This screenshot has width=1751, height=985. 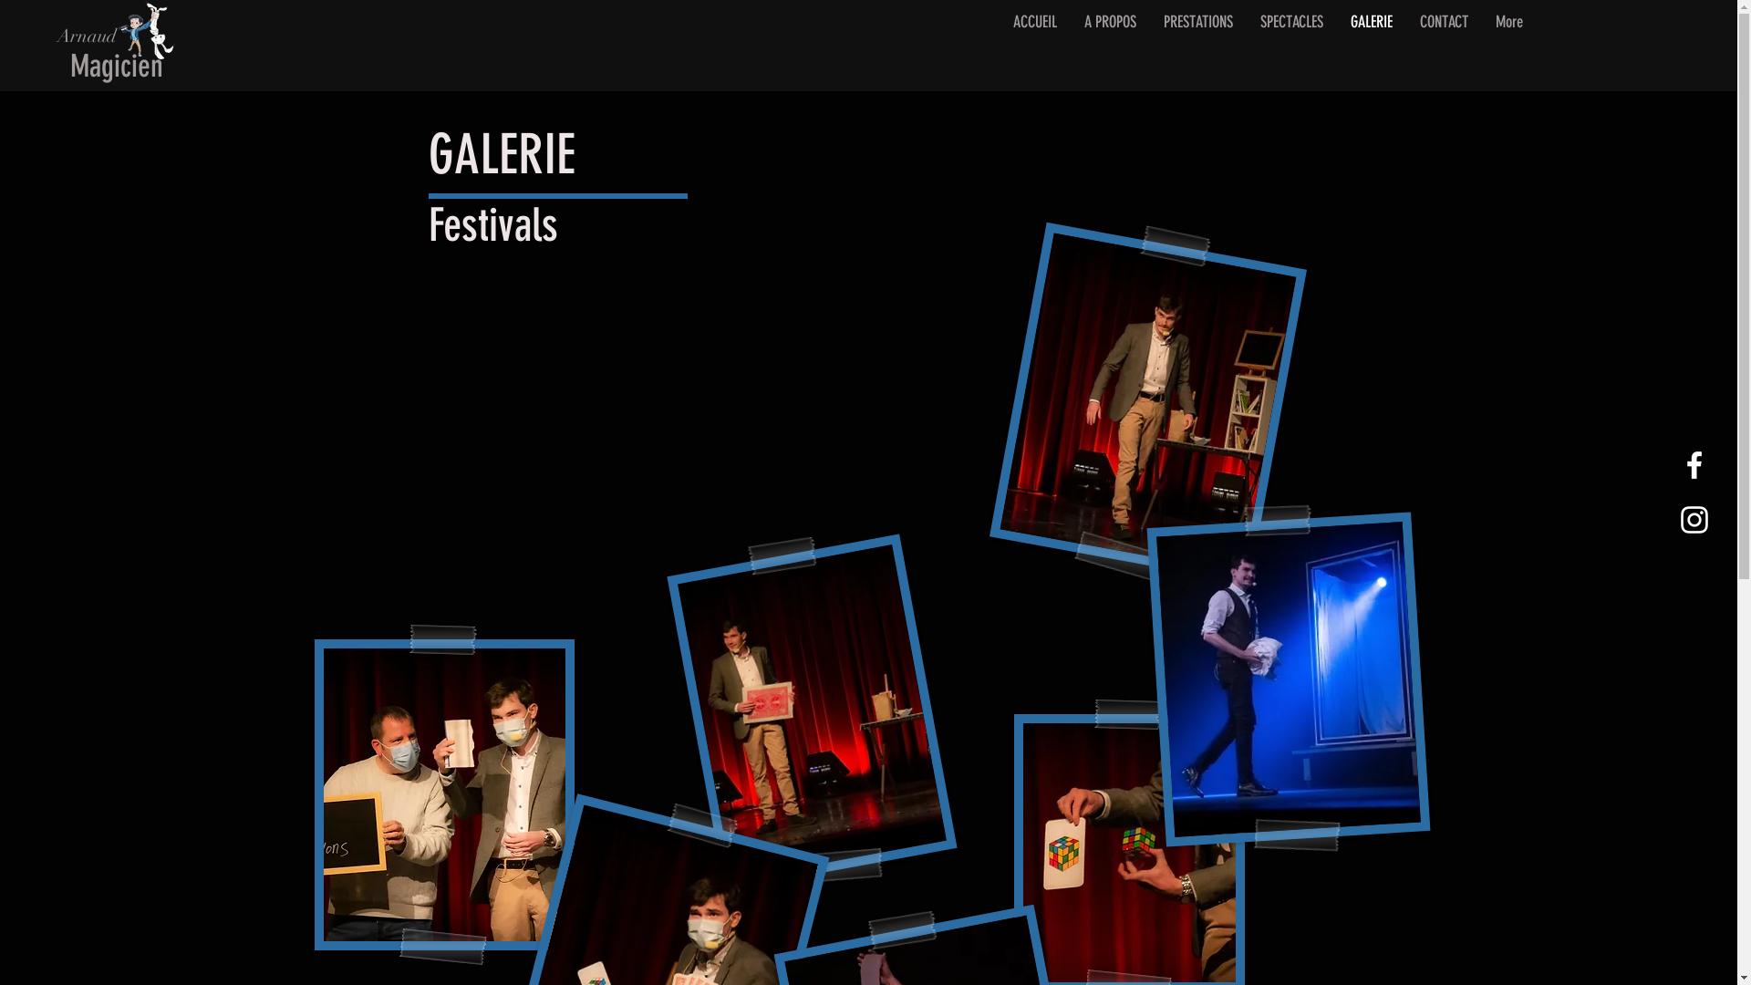 I want to click on 'GALERIE', so click(x=1371, y=47).